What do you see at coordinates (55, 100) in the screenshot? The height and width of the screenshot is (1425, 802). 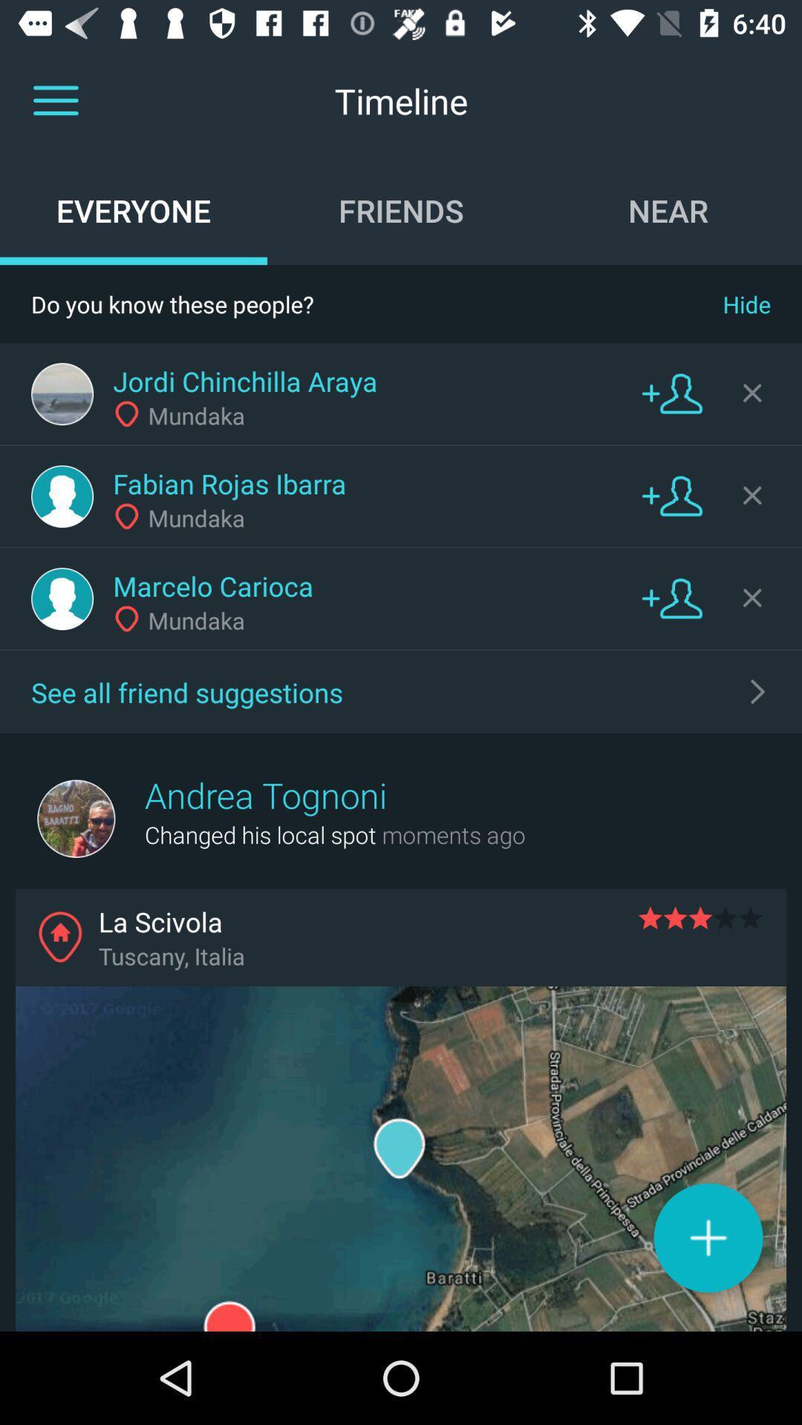 I see `the menu icon` at bounding box center [55, 100].